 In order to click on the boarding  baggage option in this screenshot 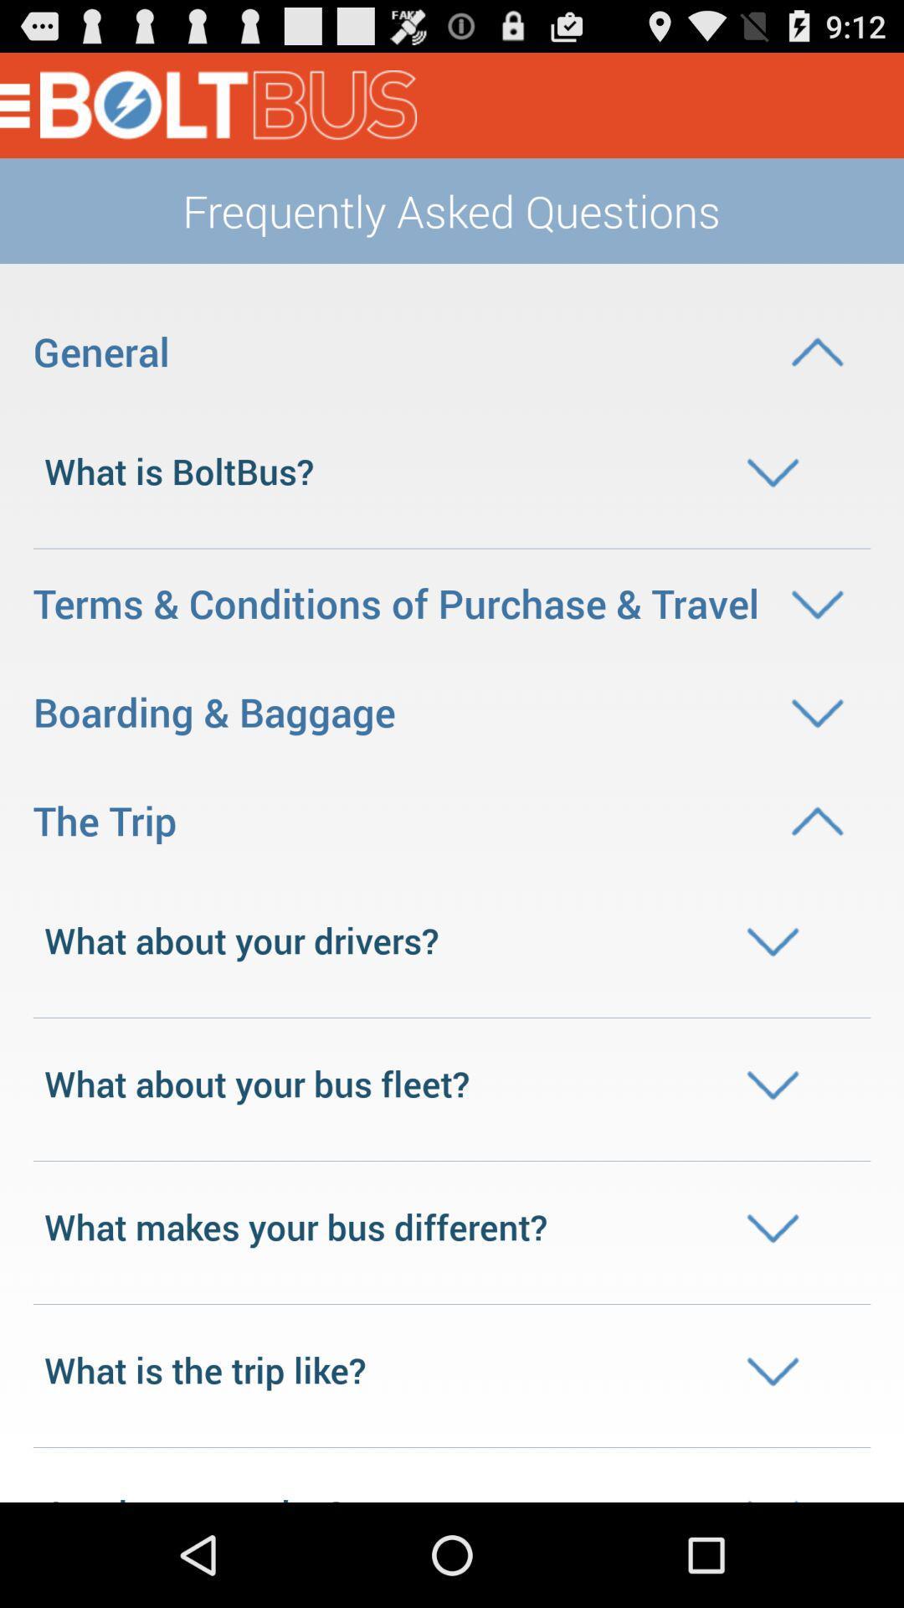, I will do `click(452, 711)`.